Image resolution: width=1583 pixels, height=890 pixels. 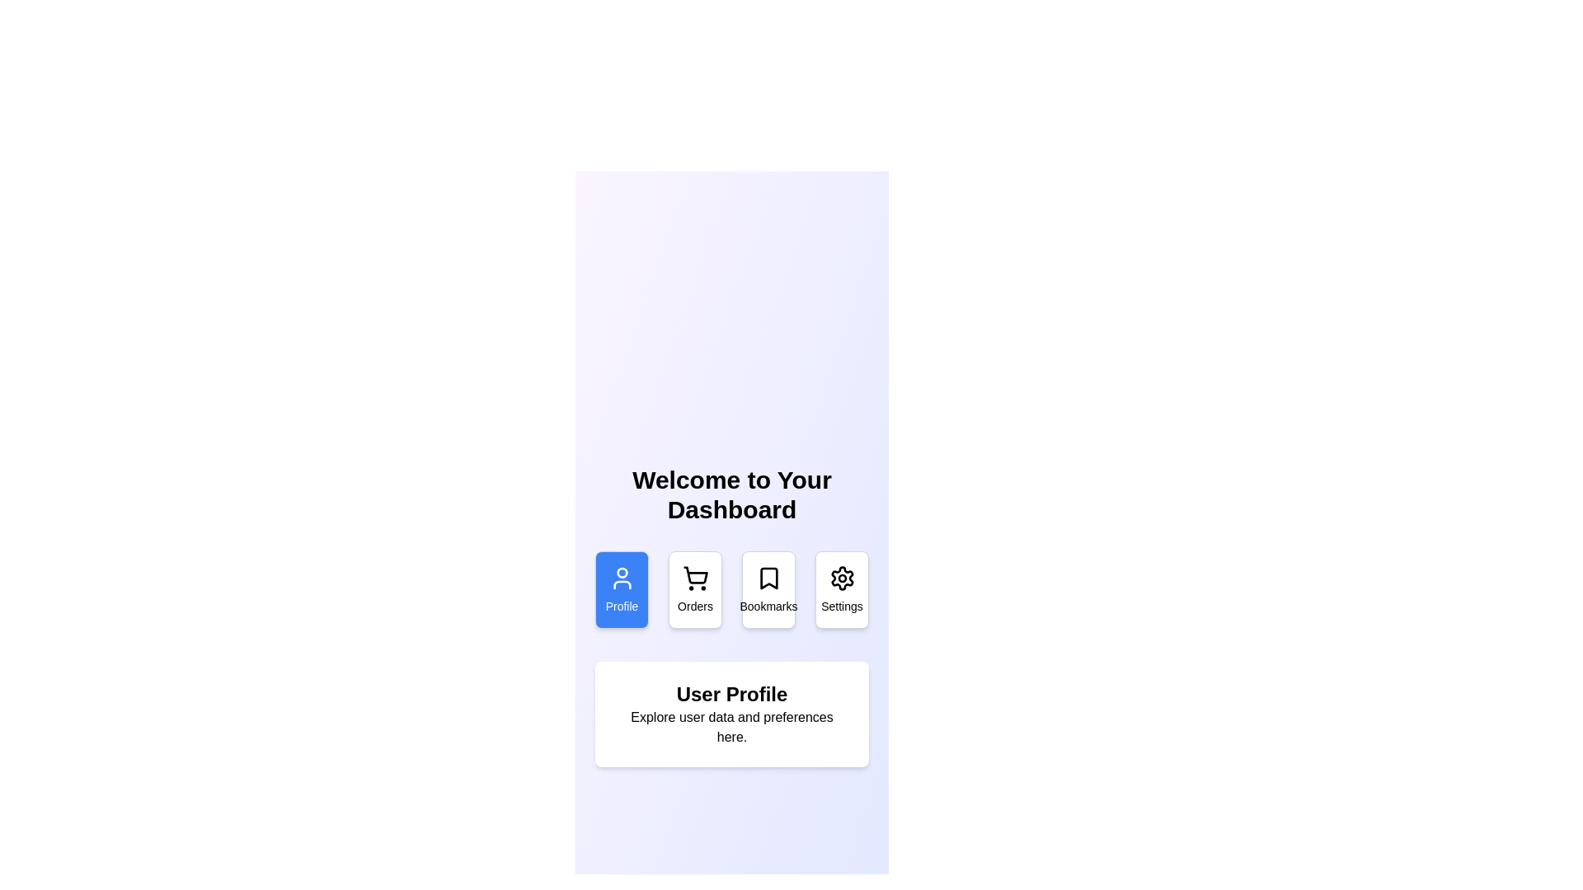 I want to click on the informational text block displaying 'User Profile' and 'Explore user data and preferences here.' by moving the cursor to its center, so click(x=731, y=714).